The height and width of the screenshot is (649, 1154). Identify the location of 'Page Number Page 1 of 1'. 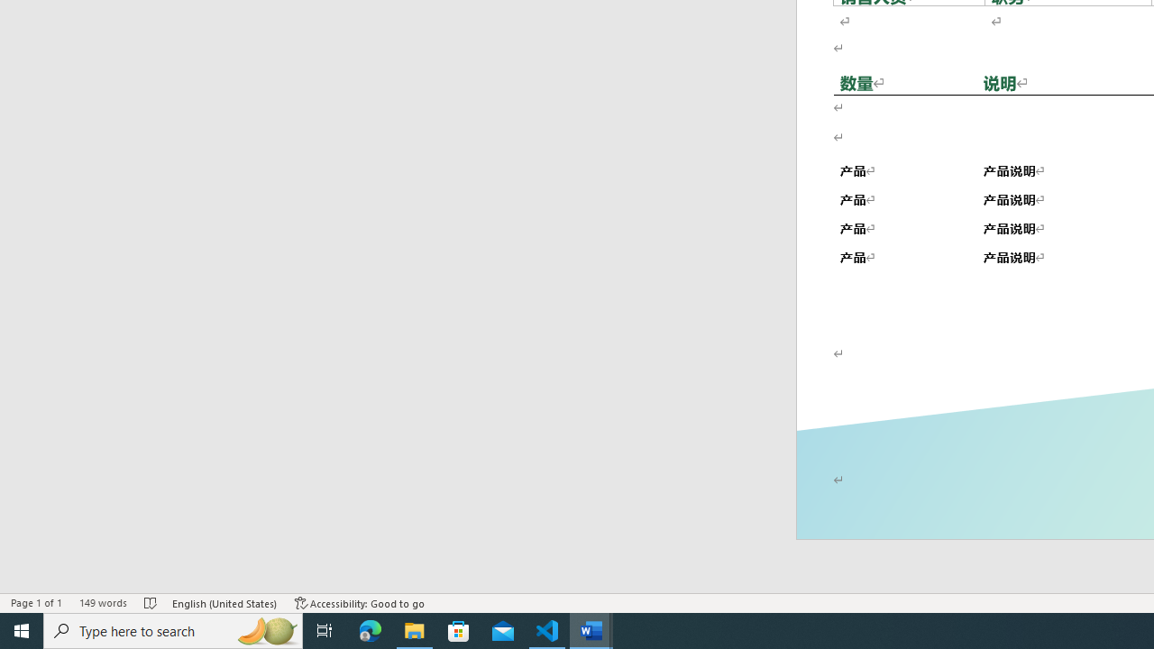
(36, 603).